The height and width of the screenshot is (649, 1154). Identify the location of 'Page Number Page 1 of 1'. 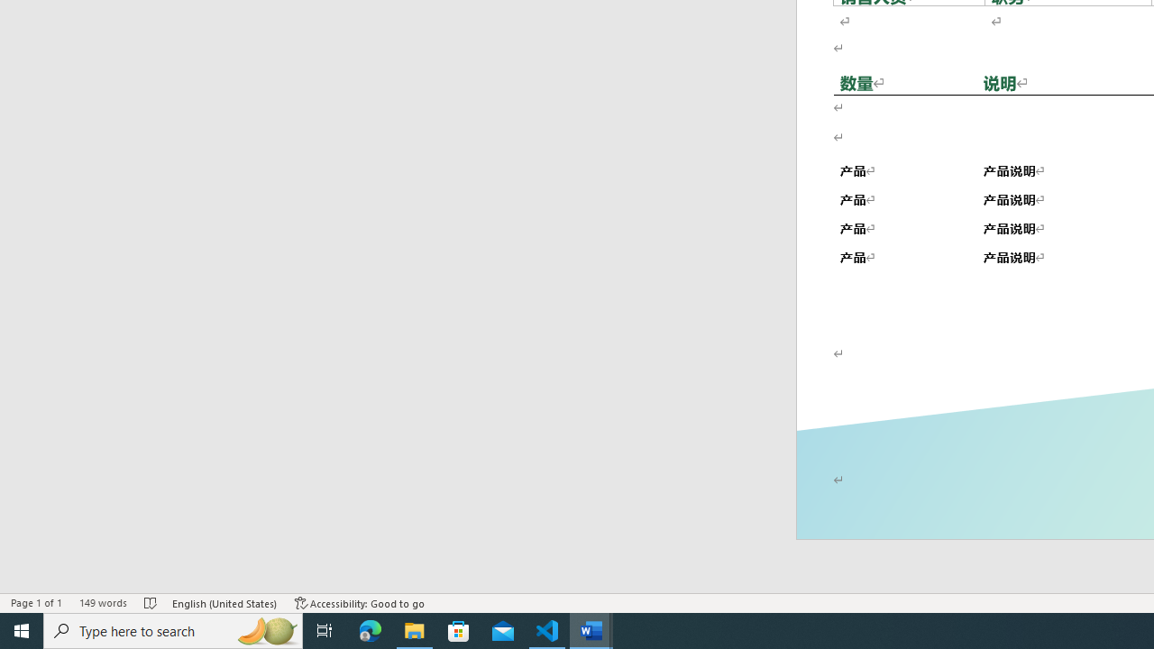
(36, 603).